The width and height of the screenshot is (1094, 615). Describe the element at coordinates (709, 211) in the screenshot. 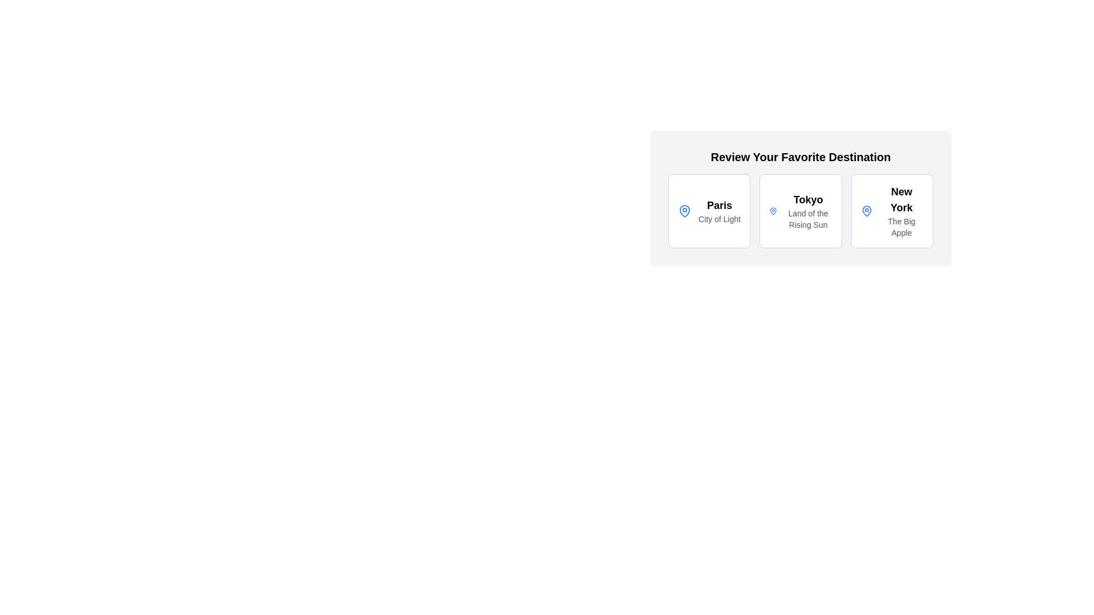

I see `the button representing the city 'Paris', labeled 'City of Light'` at that location.